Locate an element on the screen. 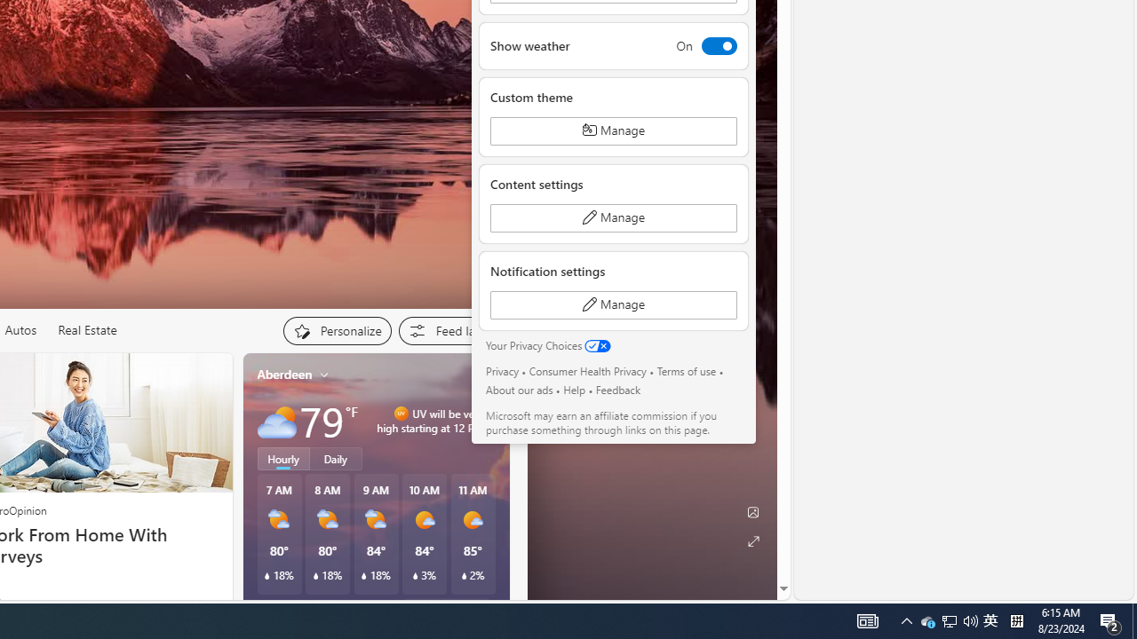  'Aberdeen' is located at coordinates (284, 374).